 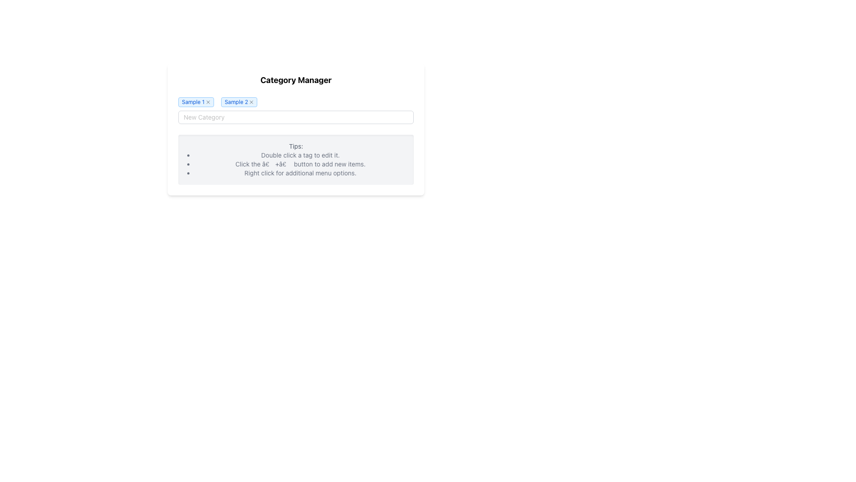 What do you see at coordinates (300, 164) in the screenshot?
I see `the instructional tip text element that guides users to use a '+' button to add new items, located under the 'Tips:' section` at bounding box center [300, 164].